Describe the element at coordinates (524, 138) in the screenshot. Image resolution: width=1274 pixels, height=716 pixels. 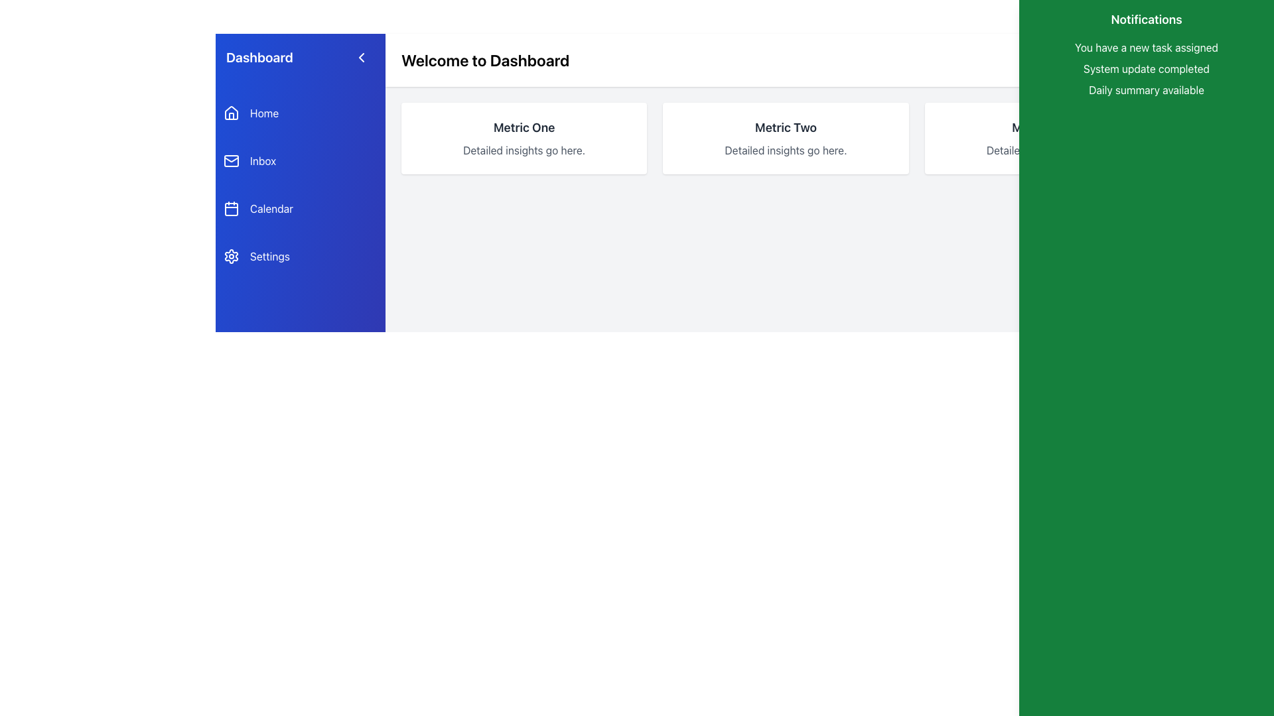
I see `the Informational Card that displays 'Metric One' in bold and larger text with 'Detailed insights go here' below it` at that location.